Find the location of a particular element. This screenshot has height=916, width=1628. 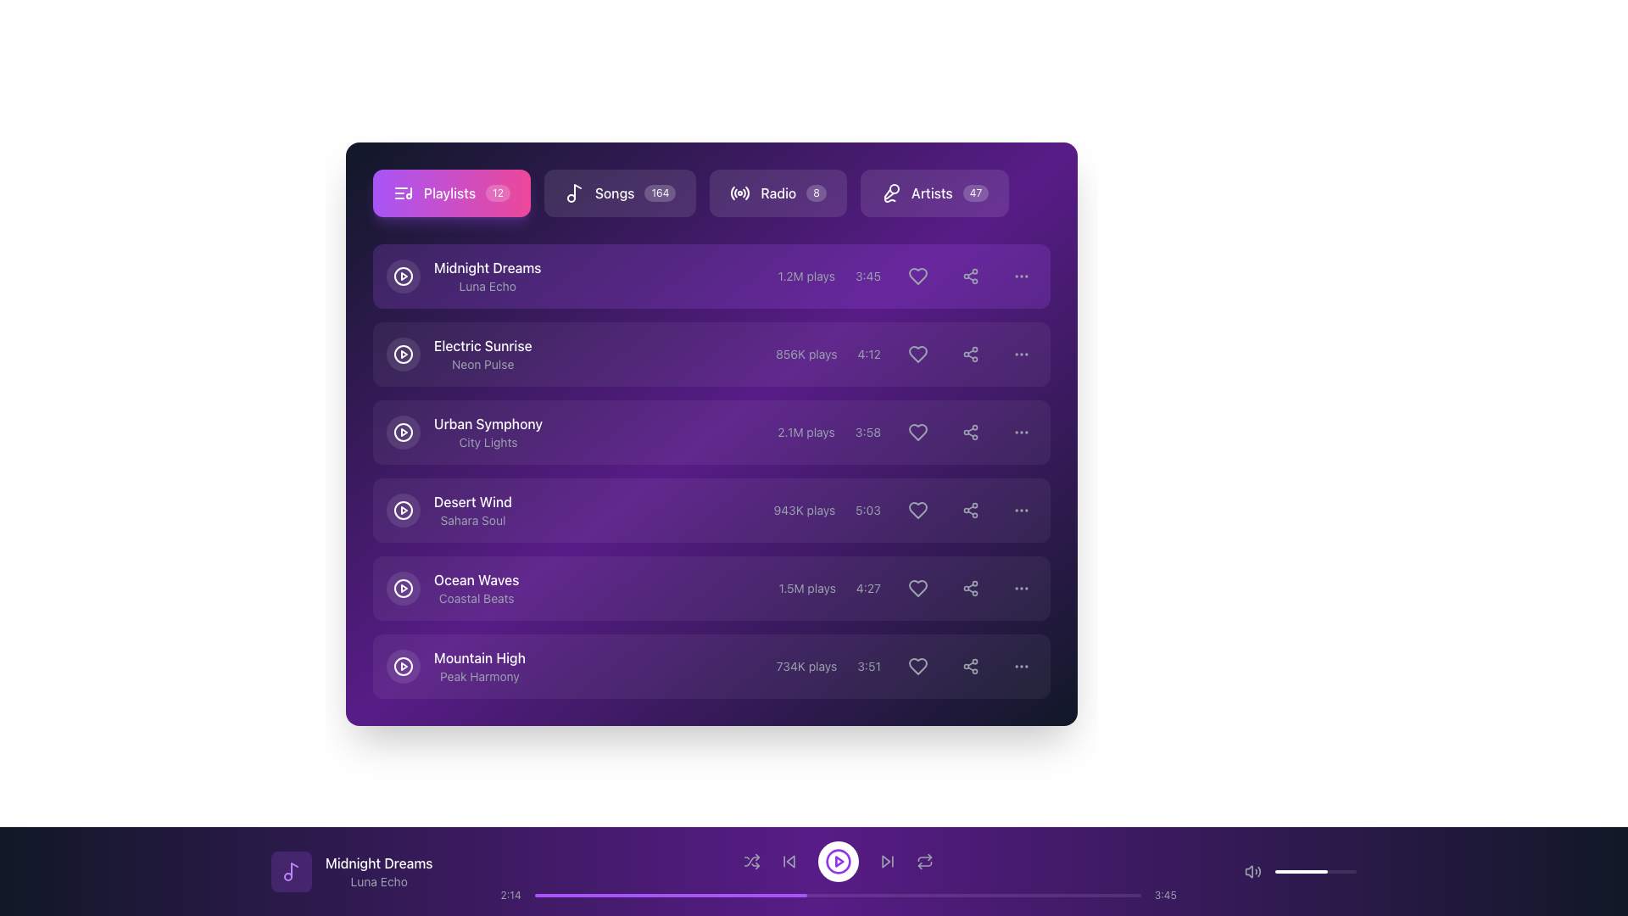

progress is located at coordinates (686, 895).